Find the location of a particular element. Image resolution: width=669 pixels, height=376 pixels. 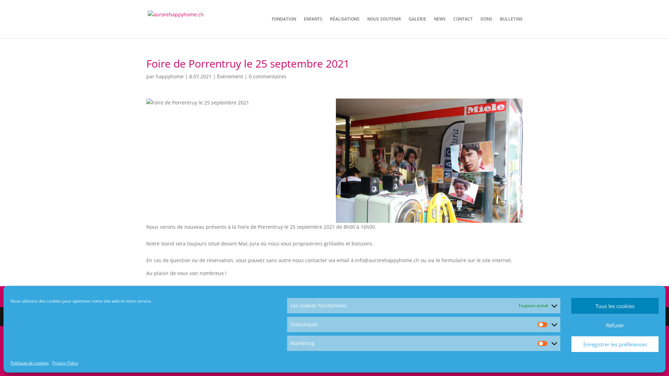

'GALERIE' is located at coordinates (408, 27).